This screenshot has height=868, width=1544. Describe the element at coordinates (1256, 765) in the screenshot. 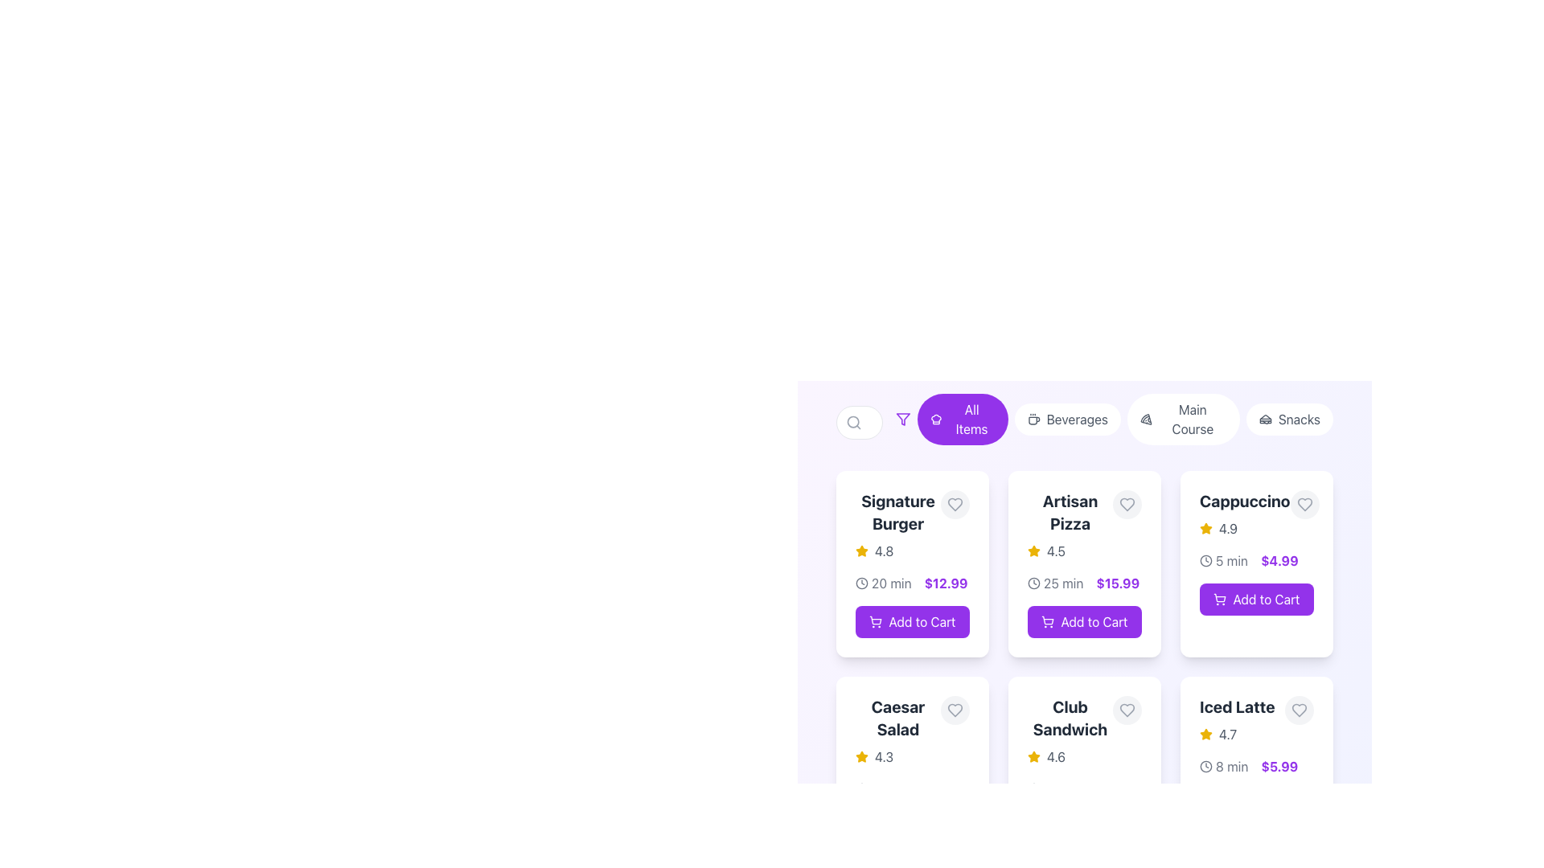

I see `the Text display component that shows the estimated preparation time and price information of the 'Iced Latte' card located in the bottom-right corner of the product cards` at that location.